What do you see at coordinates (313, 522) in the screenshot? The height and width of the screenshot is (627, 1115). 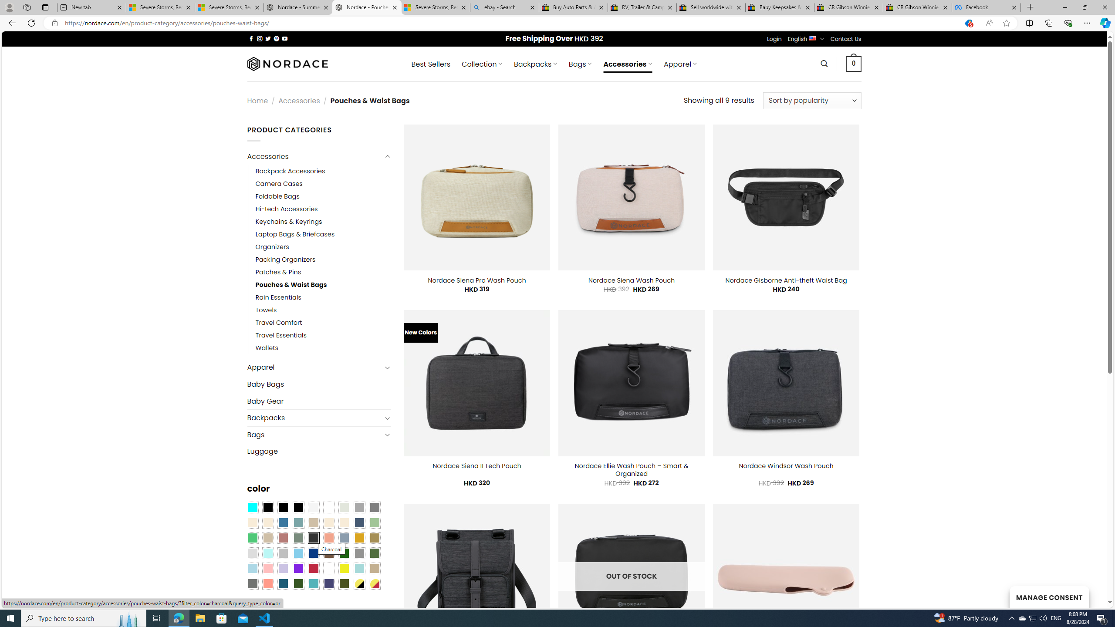 I see `'Brownie'` at bounding box center [313, 522].